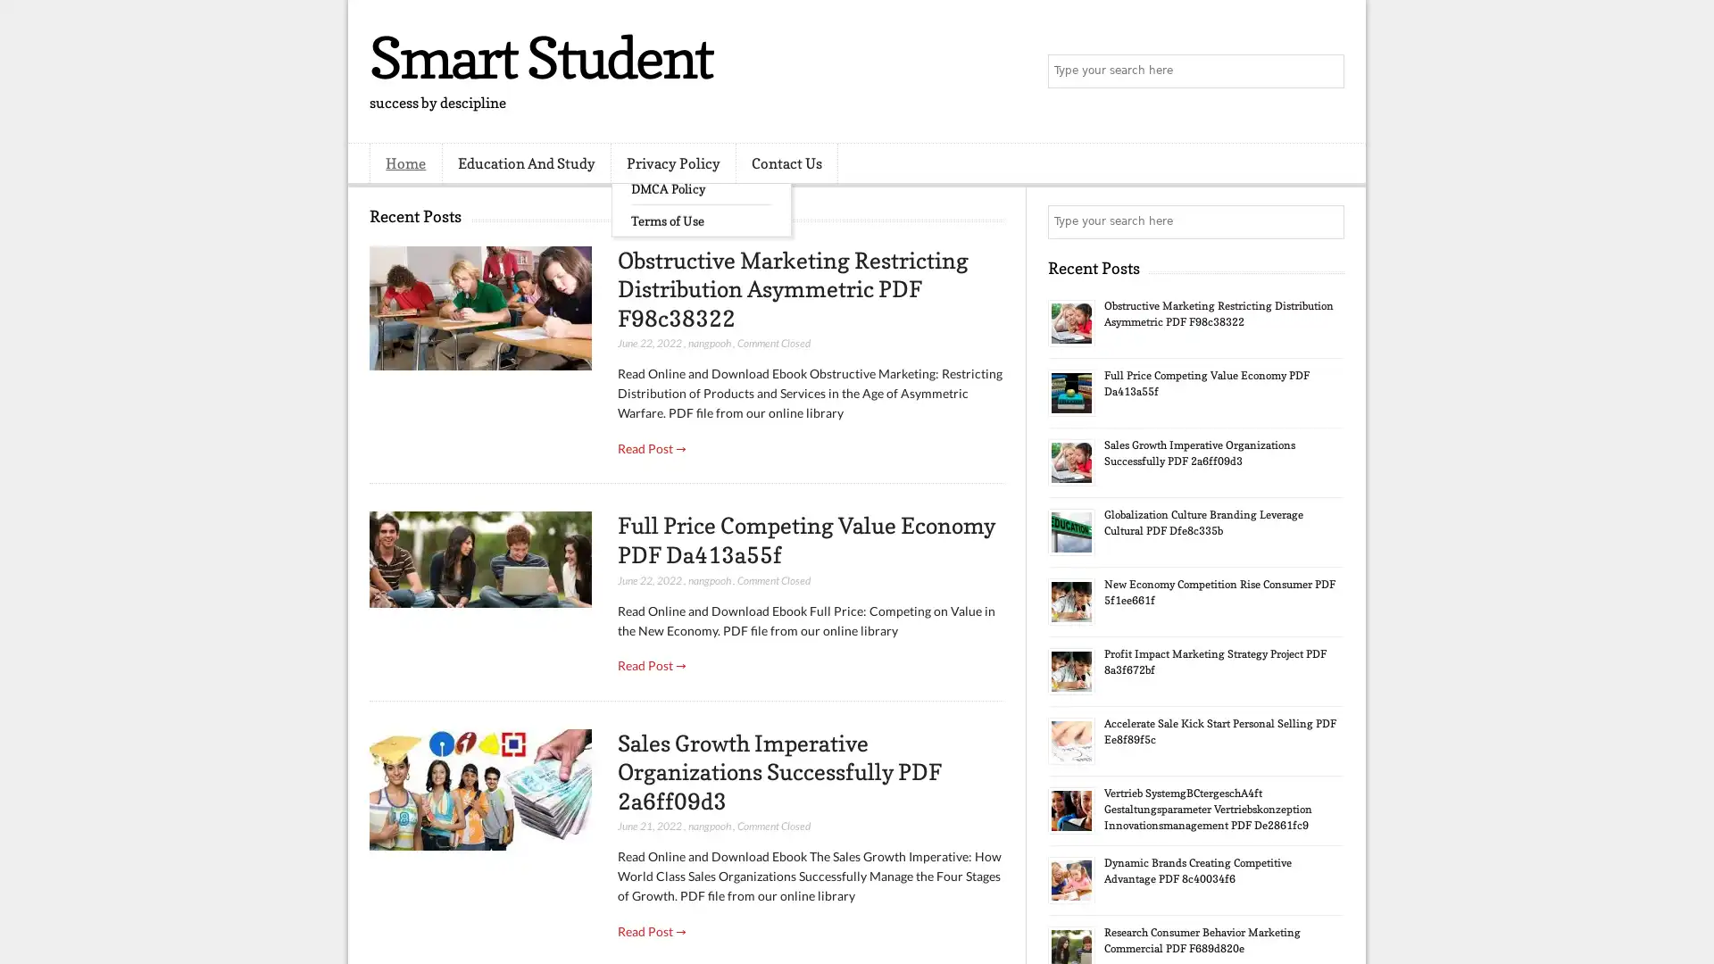 This screenshot has width=1714, height=964. Describe the element at coordinates (1326, 71) in the screenshot. I see `Search` at that location.